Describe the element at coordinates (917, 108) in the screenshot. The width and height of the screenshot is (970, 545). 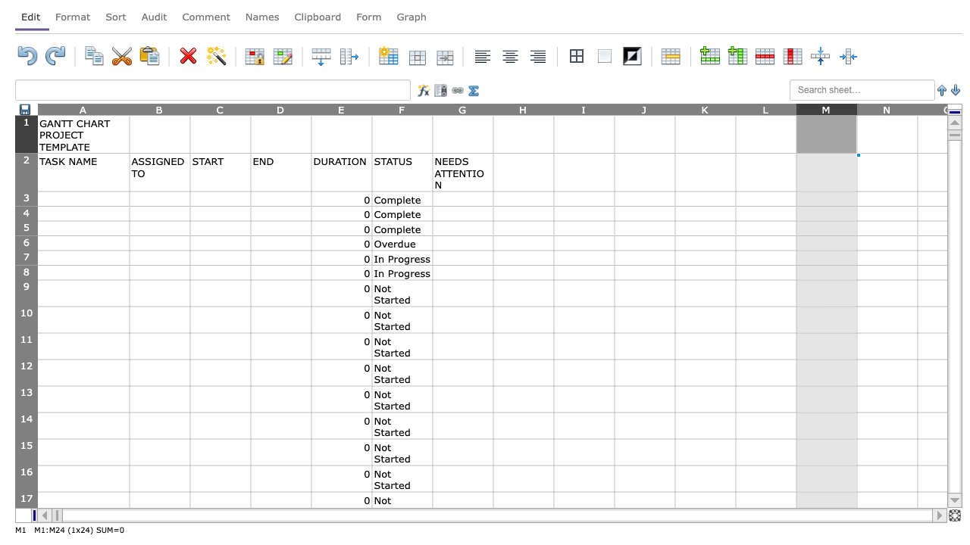
I see `the right edge of column N, for next step resizing the column` at that location.